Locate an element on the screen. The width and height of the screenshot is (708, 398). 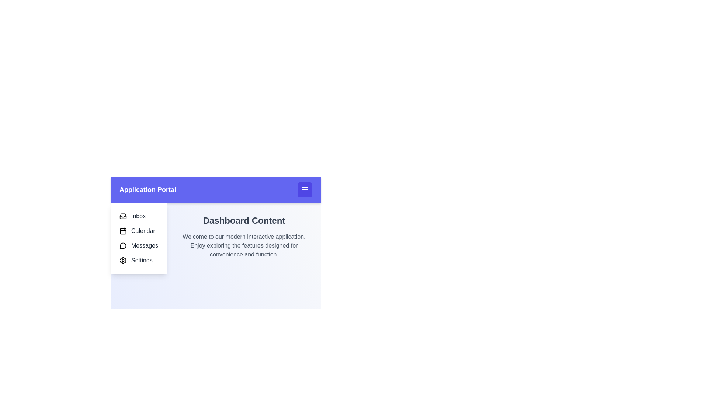
the fourth menu item in the vertical navigation menu, which has an icon and text for accessing the Settings page is located at coordinates (139, 260).